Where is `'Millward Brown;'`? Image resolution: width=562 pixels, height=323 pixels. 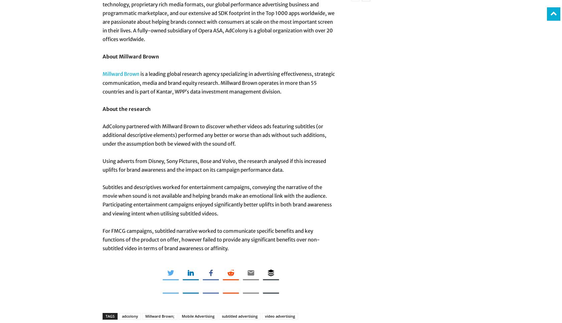
'Millward Brown;' is located at coordinates (160, 315).